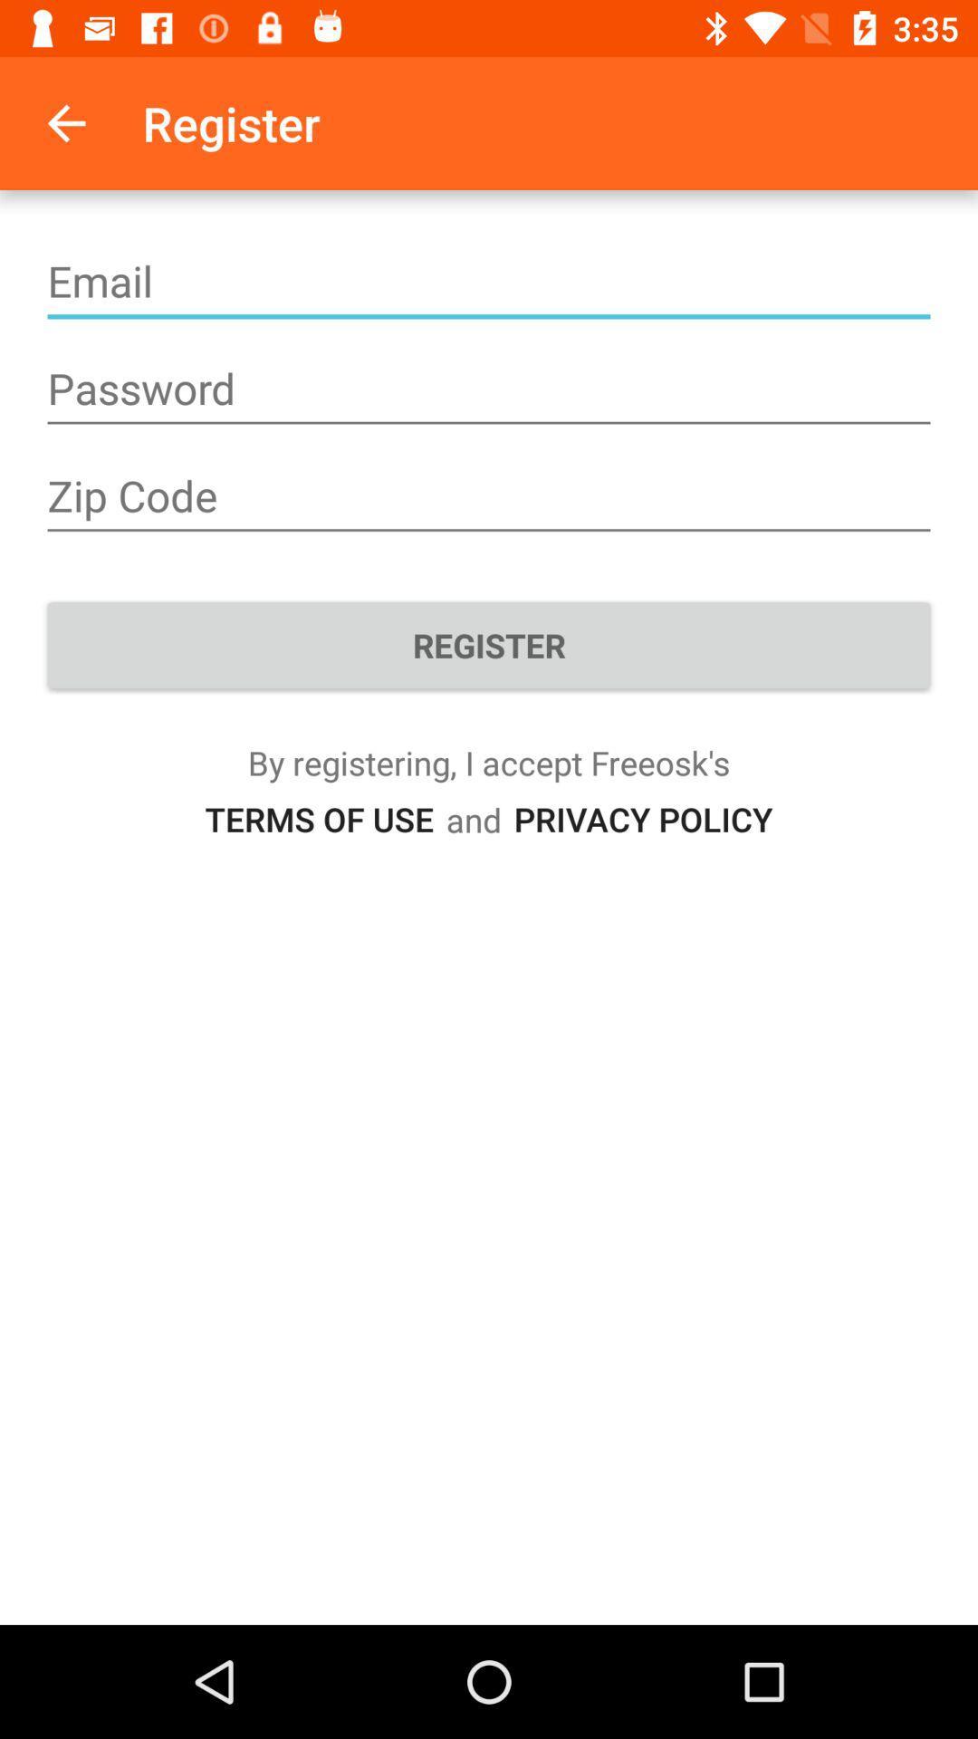 The height and width of the screenshot is (1739, 978). I want to click on the privacy policy, so click(642, 818).